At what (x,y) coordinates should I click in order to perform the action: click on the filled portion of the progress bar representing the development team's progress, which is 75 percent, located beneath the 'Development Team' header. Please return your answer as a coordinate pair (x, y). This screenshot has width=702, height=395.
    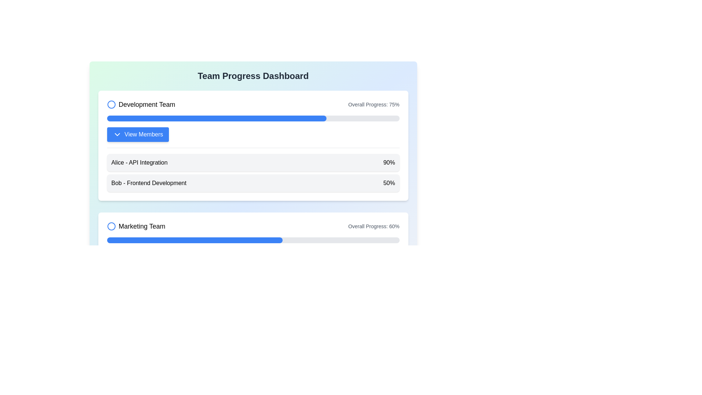
    Looking at the image, I should click on (216, 118).